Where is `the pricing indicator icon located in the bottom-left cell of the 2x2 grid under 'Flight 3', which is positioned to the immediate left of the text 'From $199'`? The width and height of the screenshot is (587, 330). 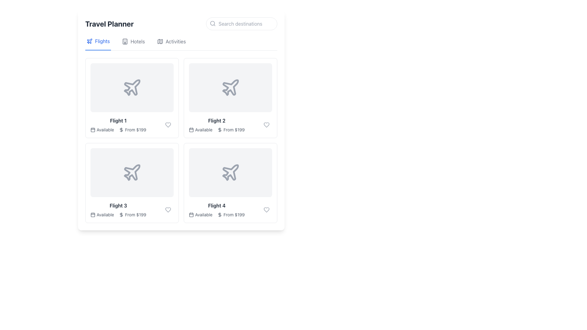
the pricing indicator icon located in the bottom-left cell of the 2x2 grid under 'Flight 3', which is positioned to the immediate left of the text 'From $199' is located at coordinates (121, 214).